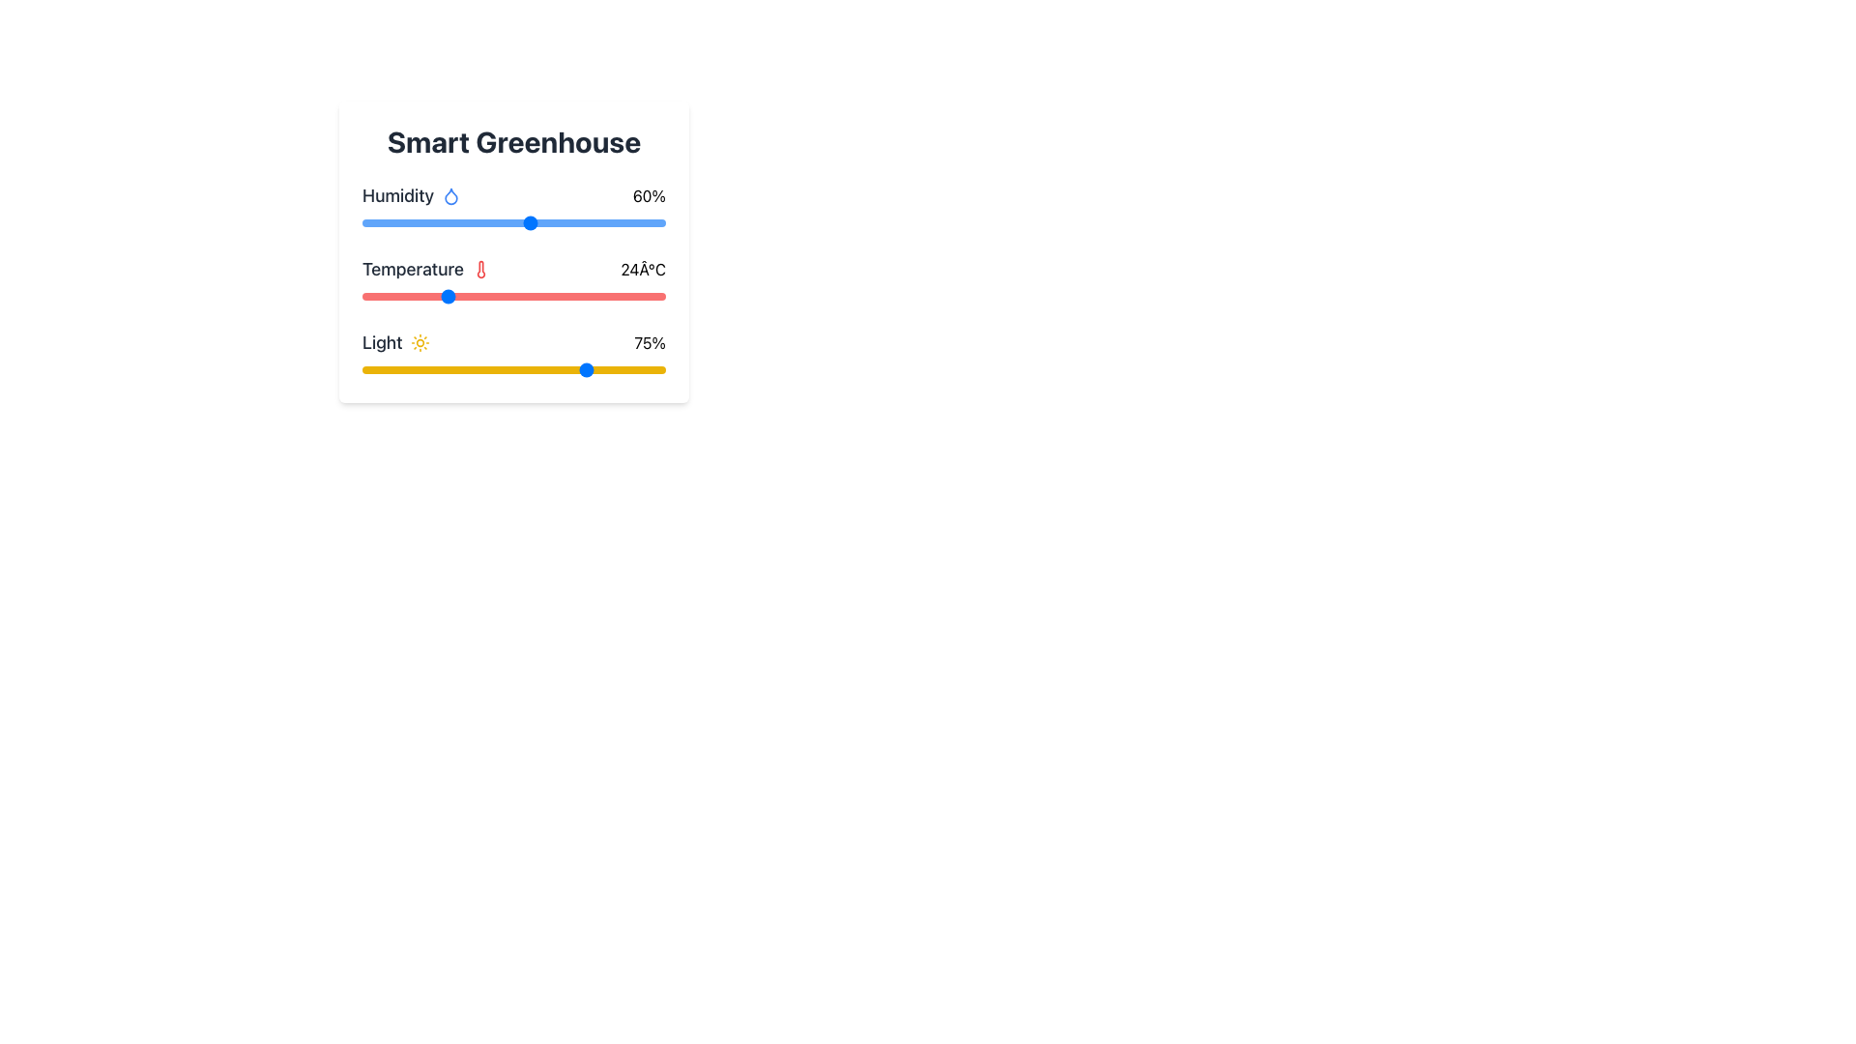 The height and width of the screenshot is (1044, 1856). What do you see at coordinates (410, 369) in the screenshot?
I see `light intensity` at bounding box center [410, 369].